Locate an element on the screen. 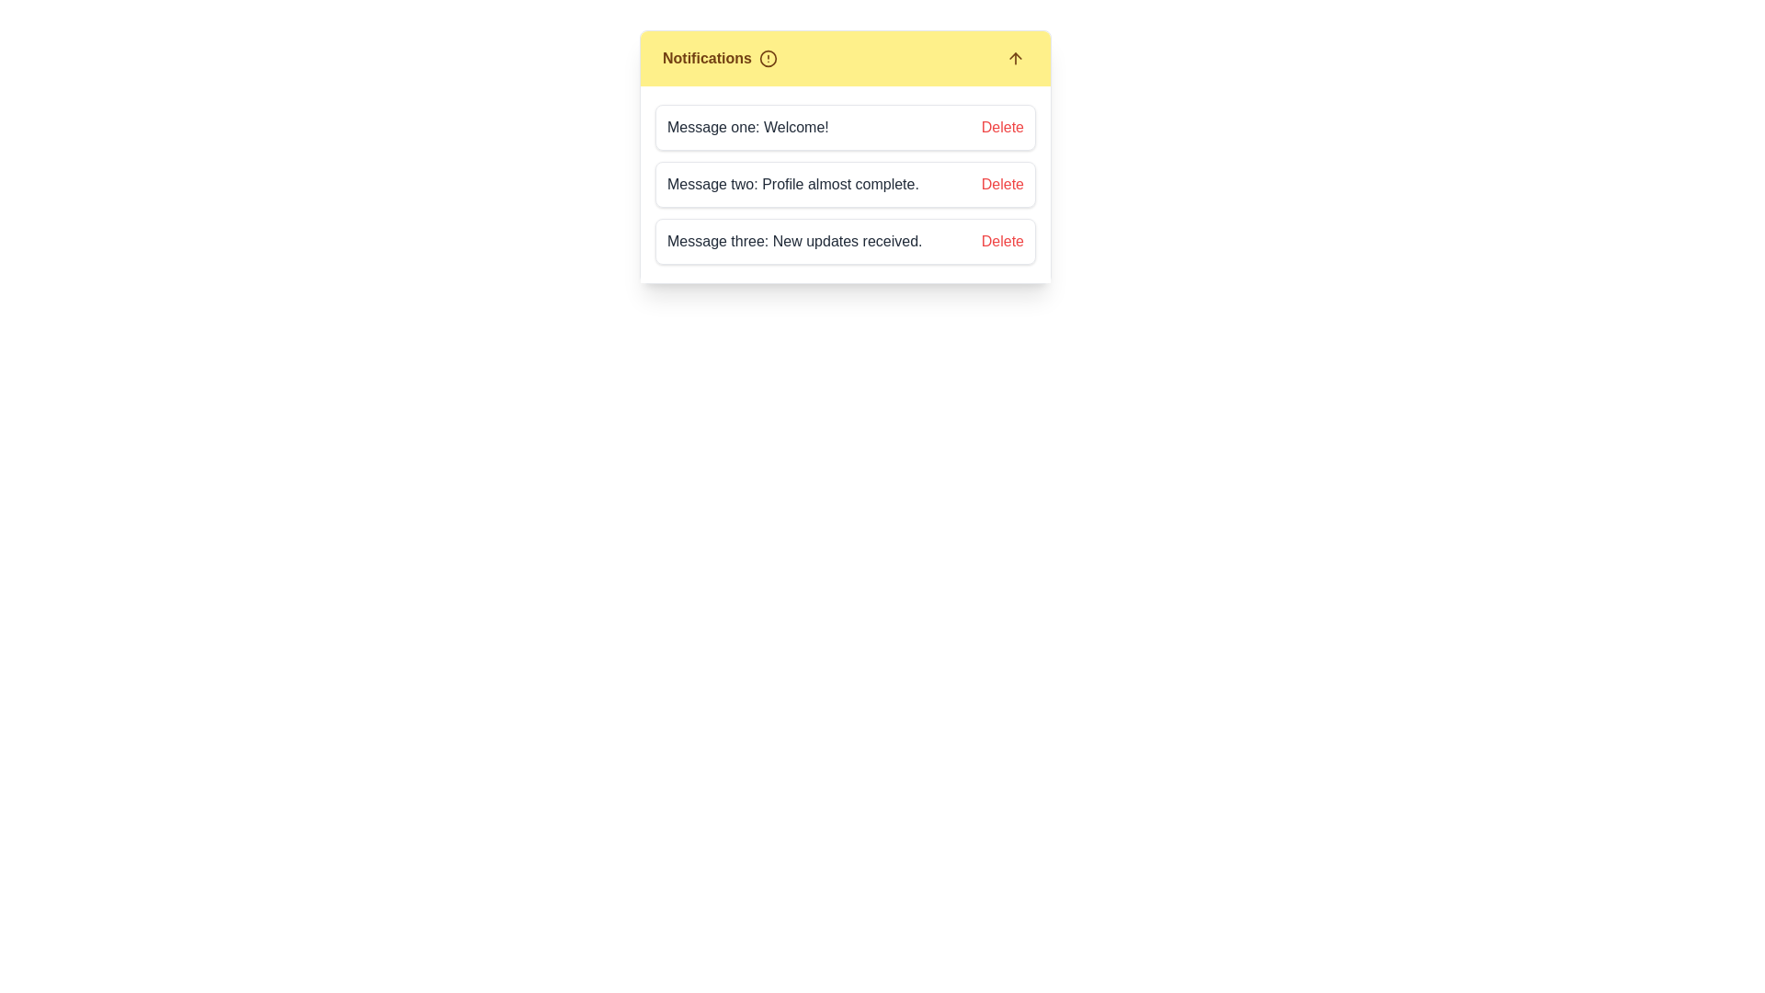  the Text label that serves as the title for the notifications dropdown section, located at the top-left corner of the yellow header is located at coordinates (719, 58).